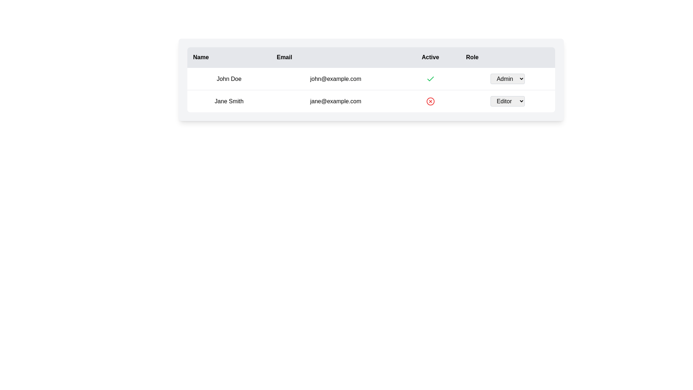  Describe the element at coordinates (507, 79) in the screenshot. I see `an option from the 'Admin' dropdown menu located in the 'Role' column of the first row, adjacent to the 'Active' column and aligned with 'John Doe'` at that location.